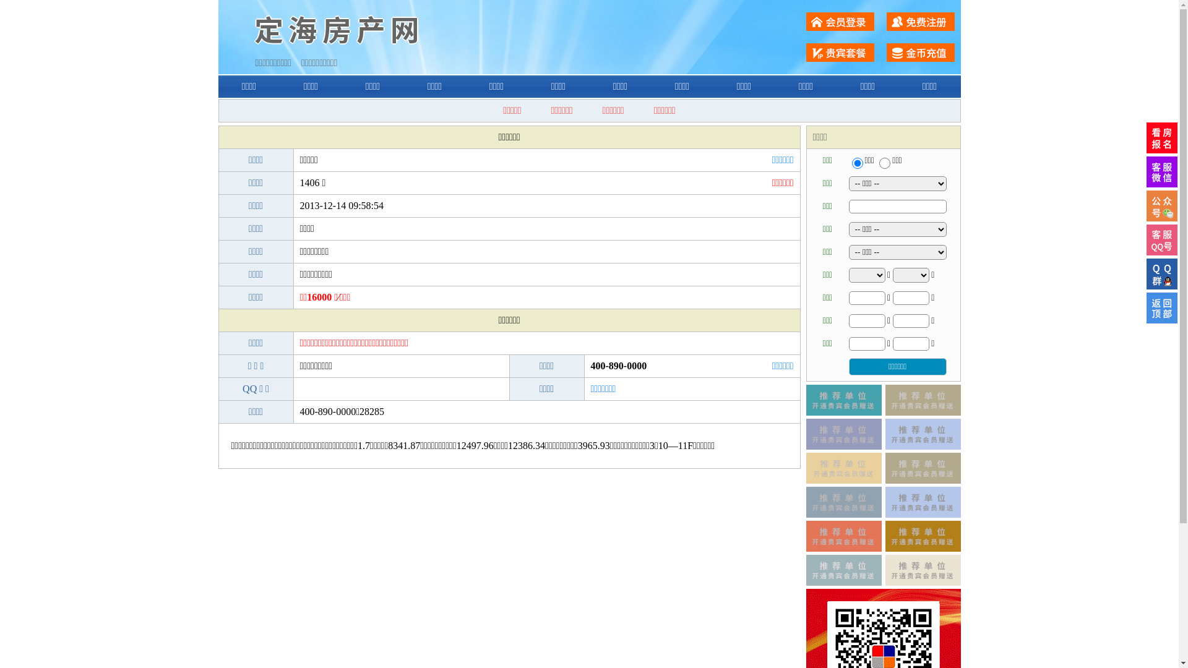 The image size is (1188, 668). What do you see at coordinates (878, 162) in the screenshot?
I see `'chuzu'` at bounding box center [878, 162].